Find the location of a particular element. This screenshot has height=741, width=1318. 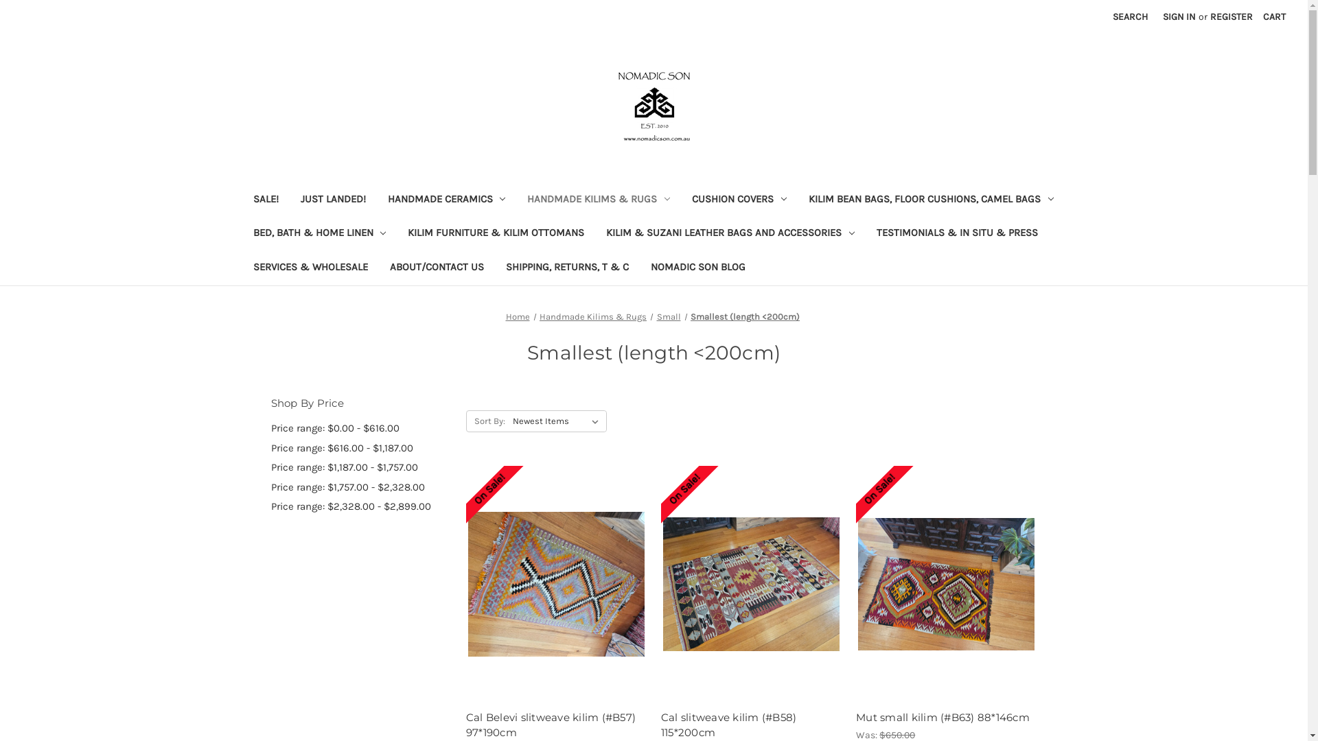

'TESTIMONIALS & IN SITU & PRESS' is located at coordinates (956, 233).